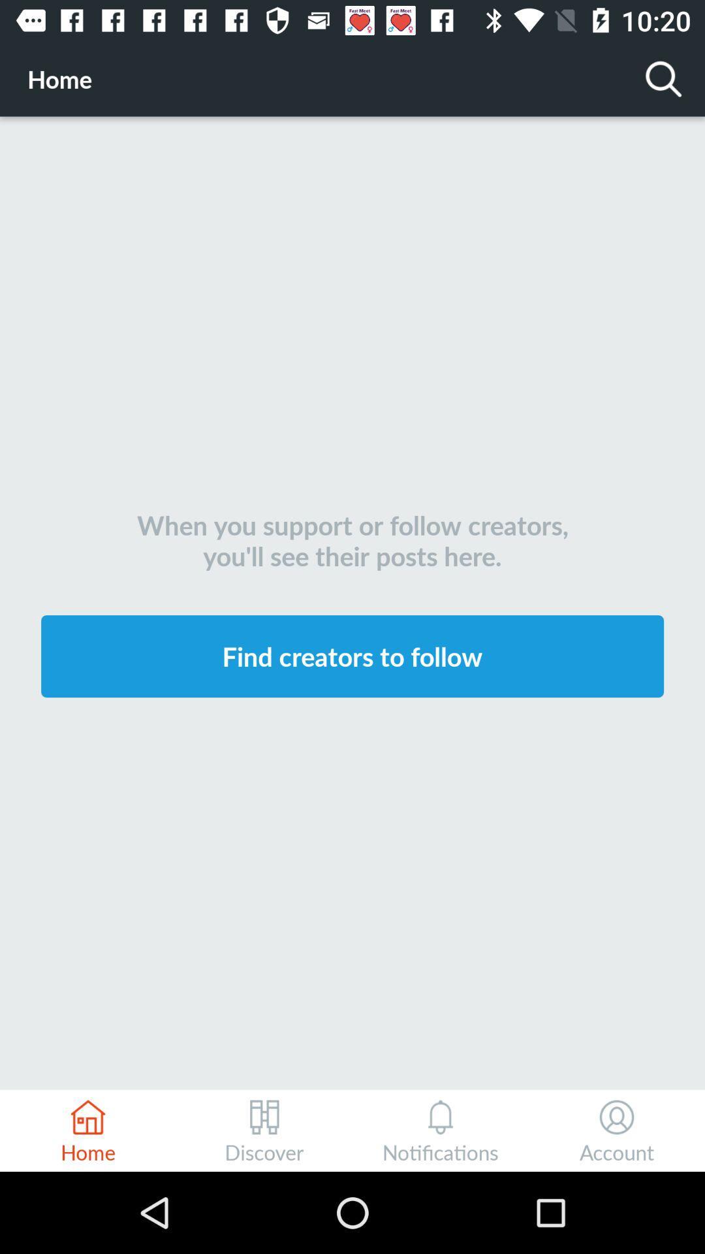 The image size is (705, 1254). What do you see at coordinates (664, 78) in the screenshot?
I see `the item at the top right corner` at bounding box center [664, 78].